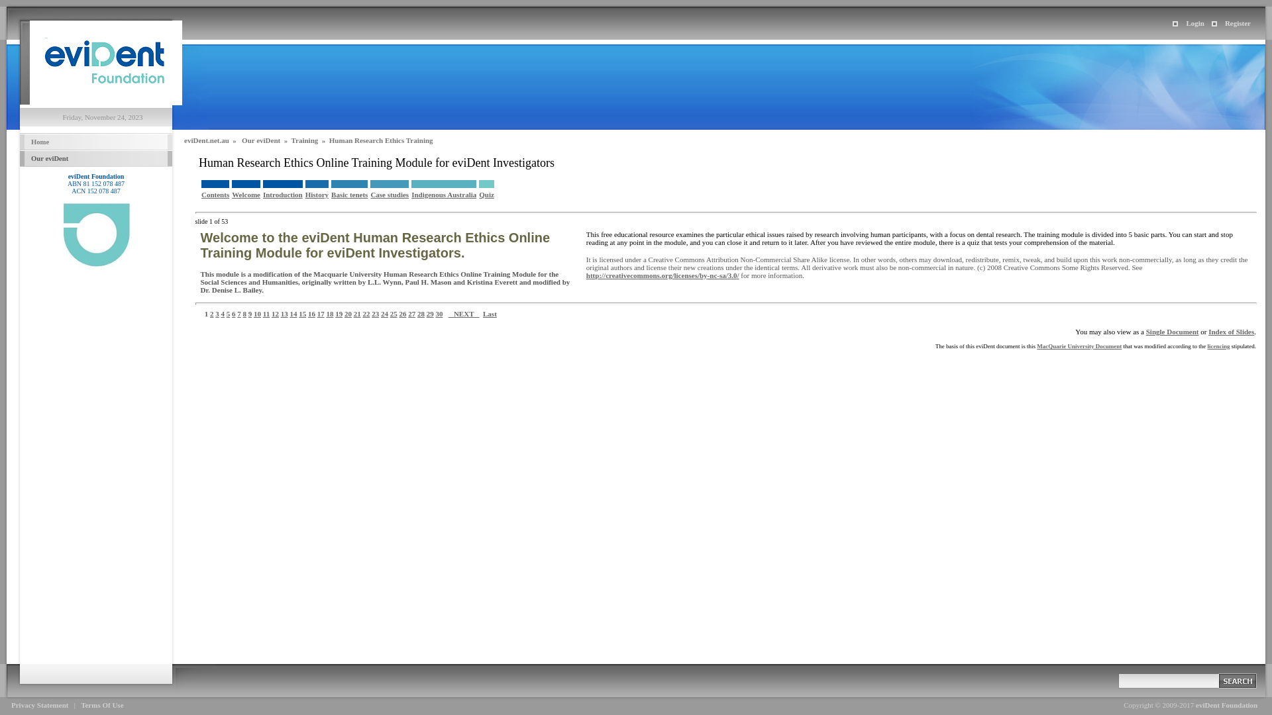 The height and width of the screenshot is (715, 1272). What do you see at coordinates (1145, 331) in the screenshot?
I see `'Single Document'` at bounding box center [1145, 331].